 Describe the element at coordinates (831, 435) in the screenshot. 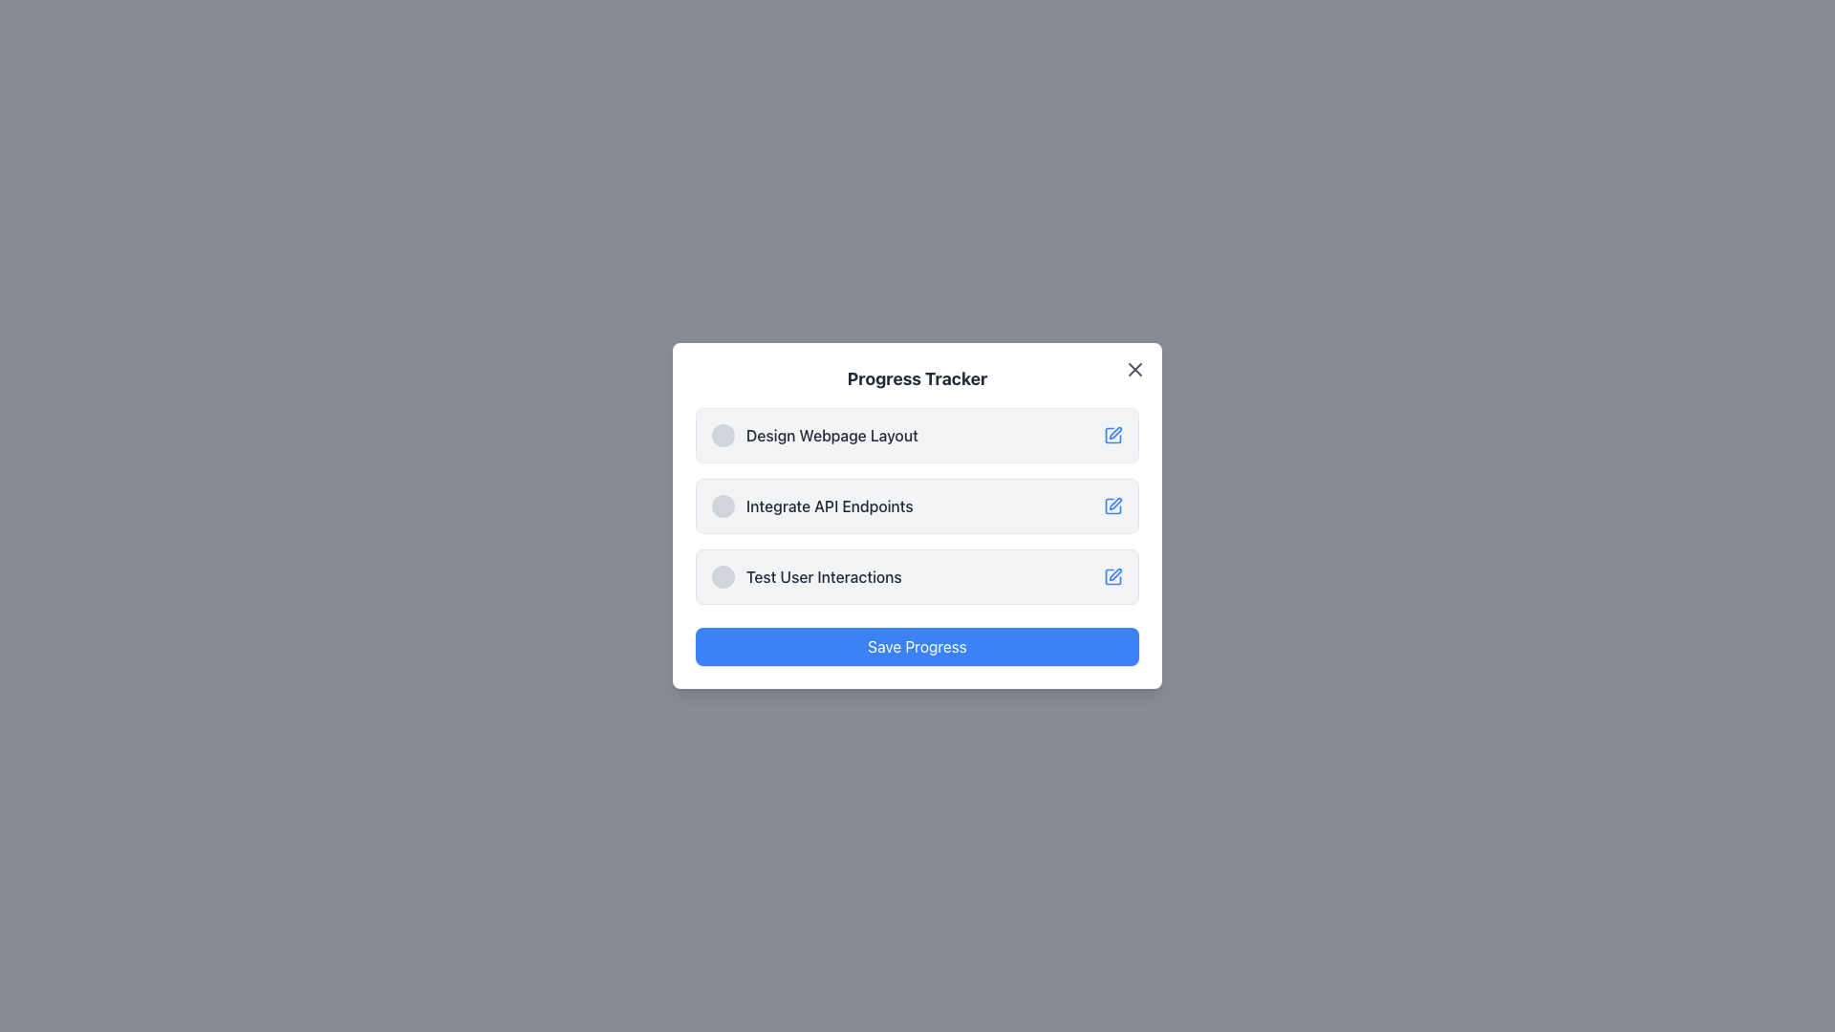

I see `the static text label that describes the first task in the progress tracker, located to the right of a circular icon and before an edit icon` at that location.